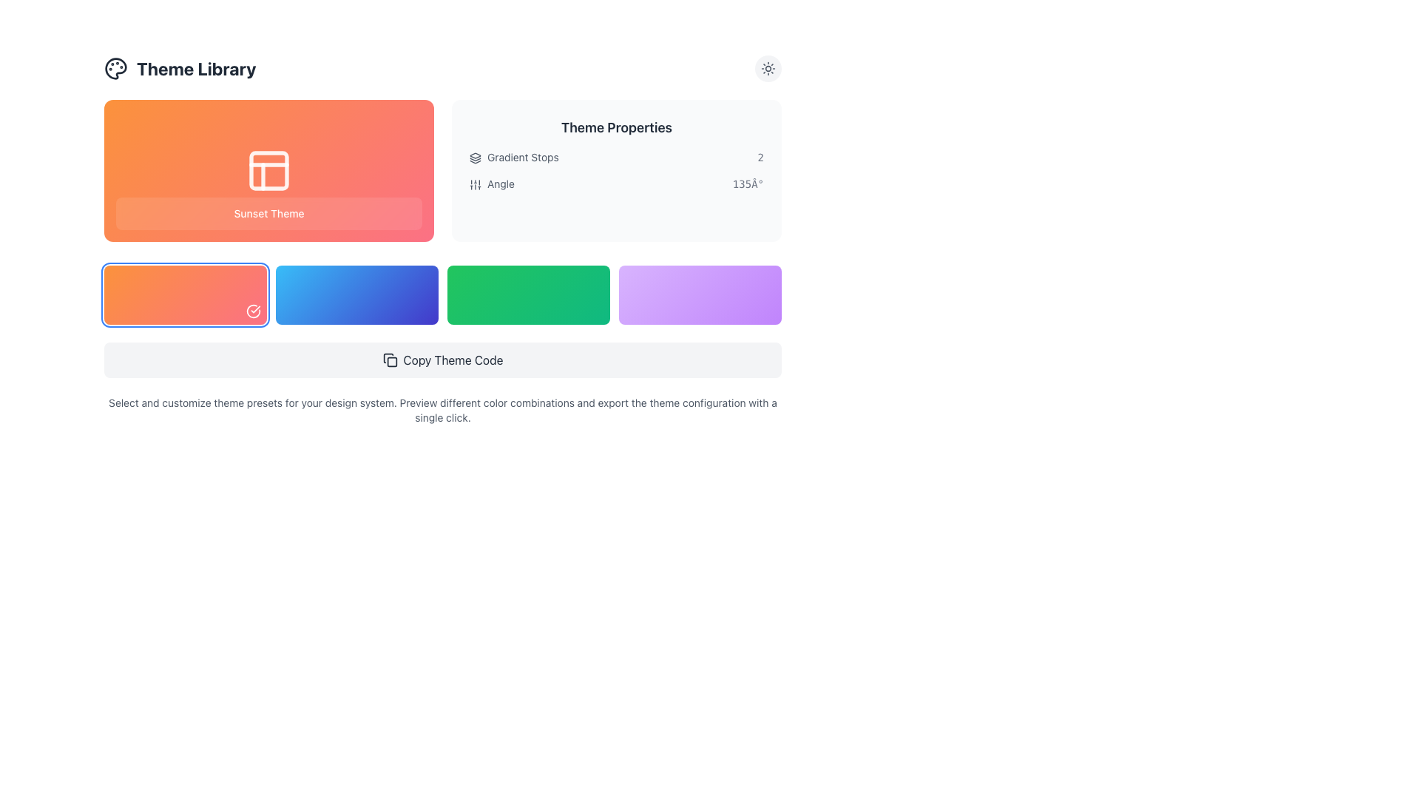 This screenshot has height=799, width=1420. I want to click on the icon within the 'Copy Theme Code' button, which visually indicates the button's purpose to copy a theme code, so click(390, 360).